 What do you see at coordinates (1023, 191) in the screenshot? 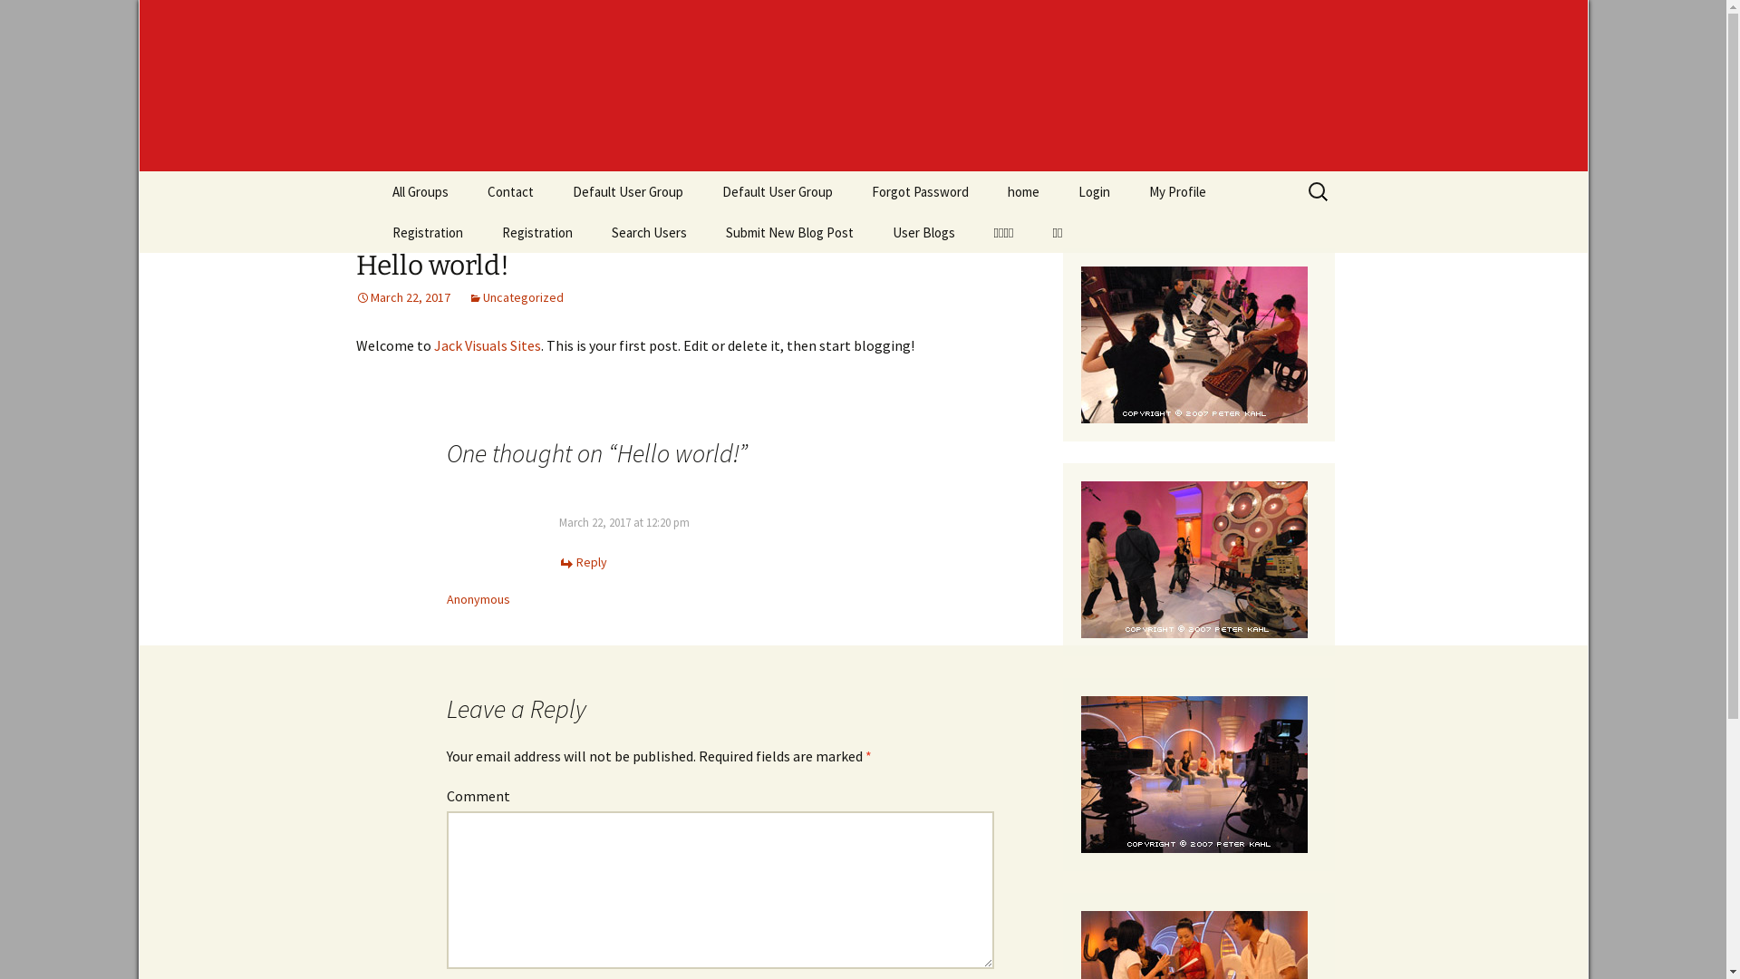
I see `'home'` at bounding box center [1023, 191].